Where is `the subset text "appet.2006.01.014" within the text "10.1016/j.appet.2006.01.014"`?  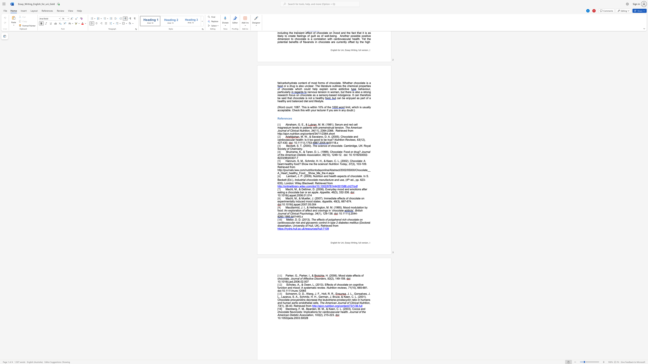 the subset text "appet.2006.01.014" within the text "10.1016/j.appet.2006.01.014" is located at coordinates (289, 195).